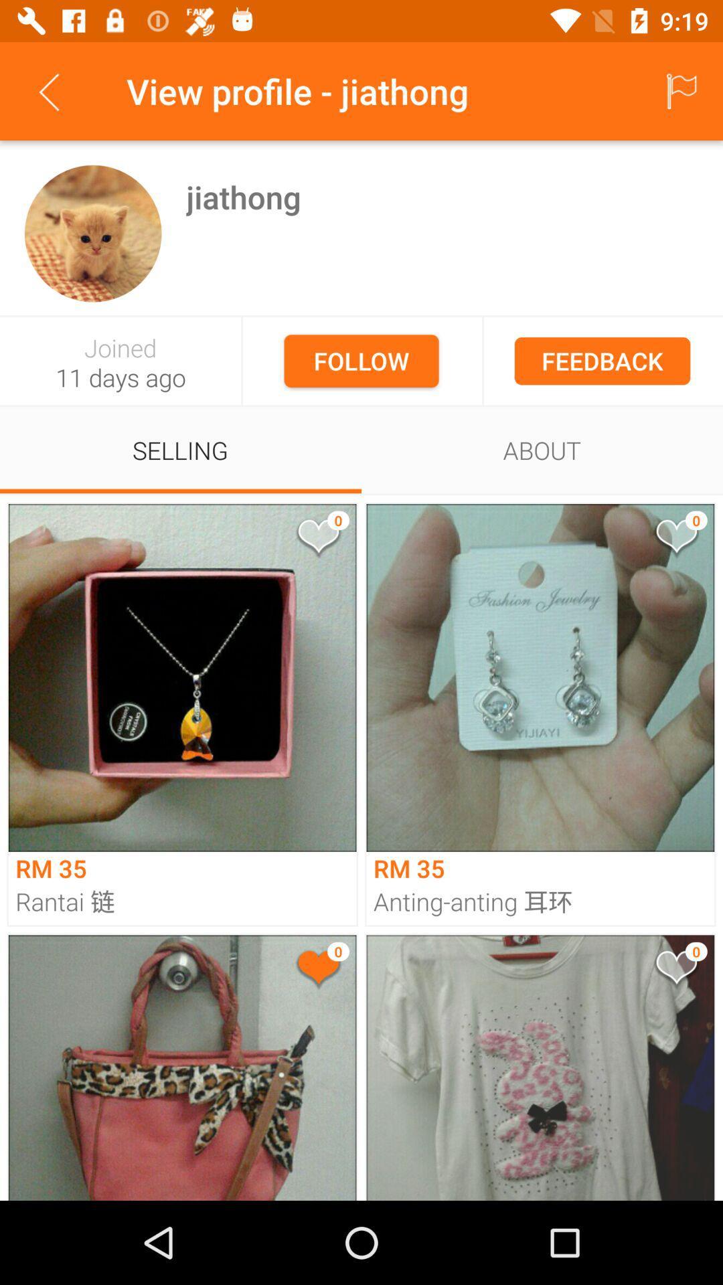 The height and width of the screenshot is (1285, 723). What do you see at coordinates (317, 970) in the screenshot?
I see `like item` at bounding box center [317, 970].